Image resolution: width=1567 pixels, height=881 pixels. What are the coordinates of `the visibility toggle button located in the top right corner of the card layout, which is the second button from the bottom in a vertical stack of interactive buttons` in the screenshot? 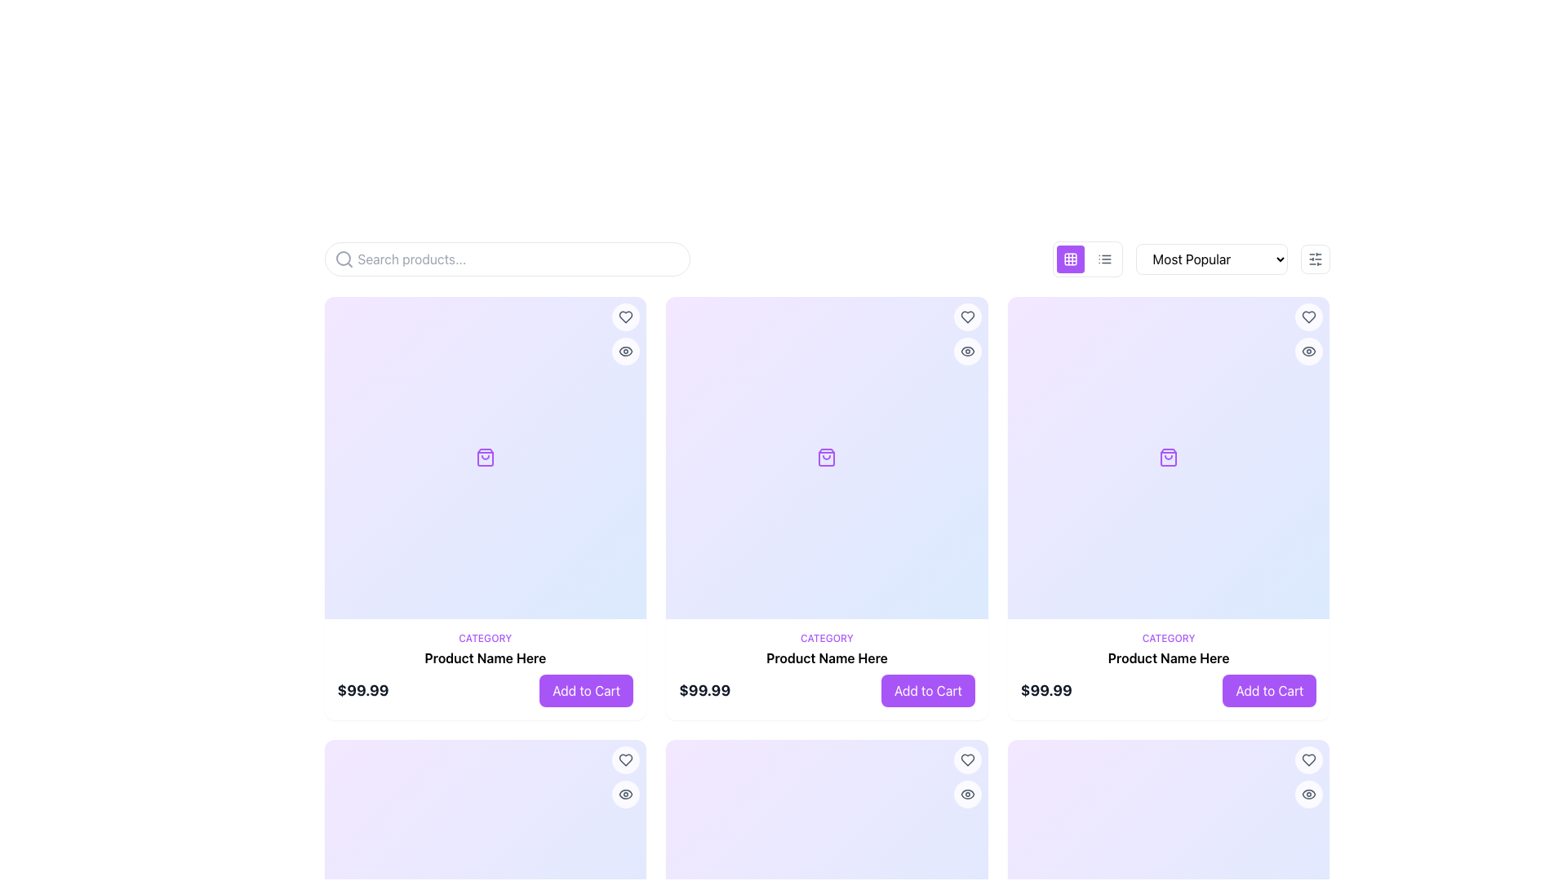 It's located at (967, 793).